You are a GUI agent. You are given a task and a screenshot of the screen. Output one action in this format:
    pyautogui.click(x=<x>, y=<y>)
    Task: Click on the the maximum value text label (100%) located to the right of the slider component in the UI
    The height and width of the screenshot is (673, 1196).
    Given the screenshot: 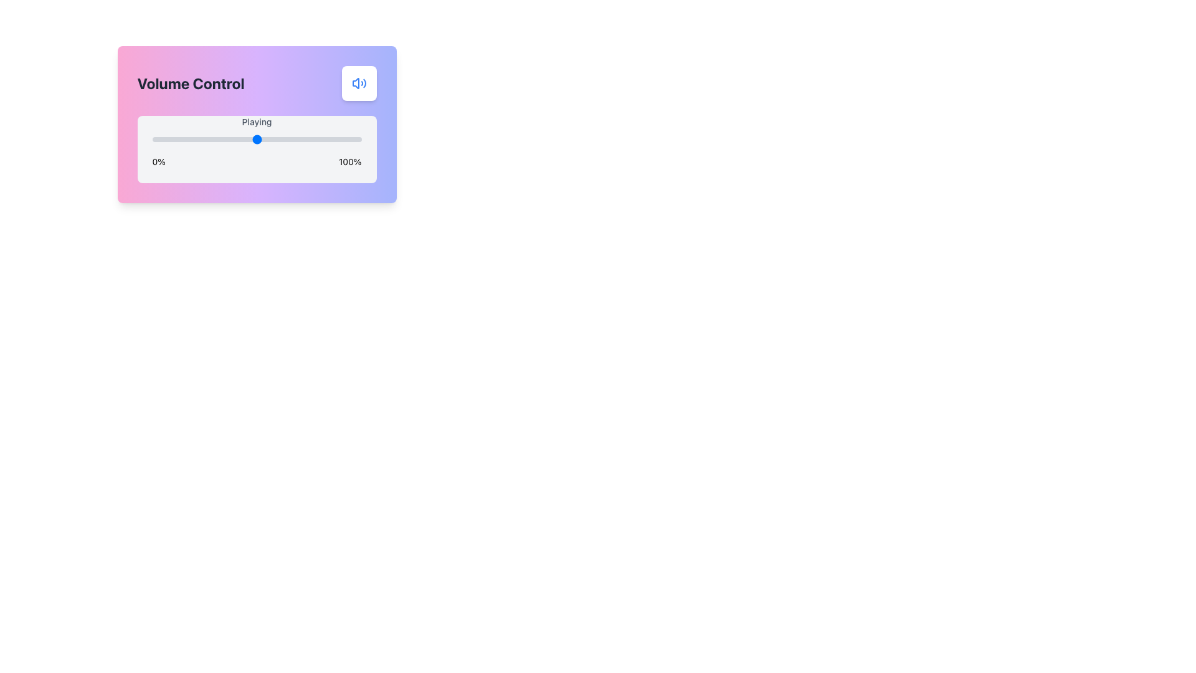 What is the action you would take?
    pyautogui.click(x=349, y=161)
    